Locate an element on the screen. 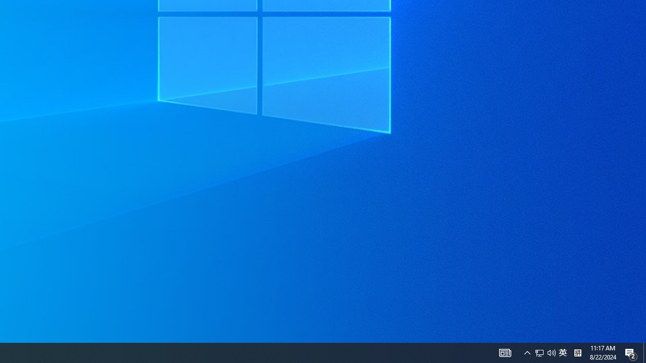  'Q2790: 100%' is located at coordinates (539, 352).